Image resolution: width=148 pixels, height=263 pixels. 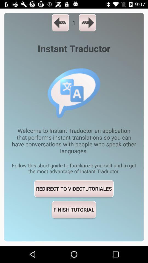 I want to click on the finish tutorial, so click(x=74, y=209).